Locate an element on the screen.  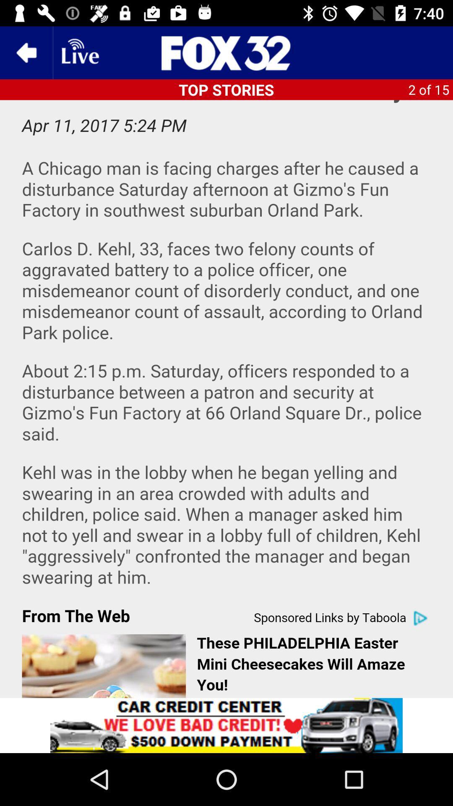
advertisement is located at coordinates (226, 52).